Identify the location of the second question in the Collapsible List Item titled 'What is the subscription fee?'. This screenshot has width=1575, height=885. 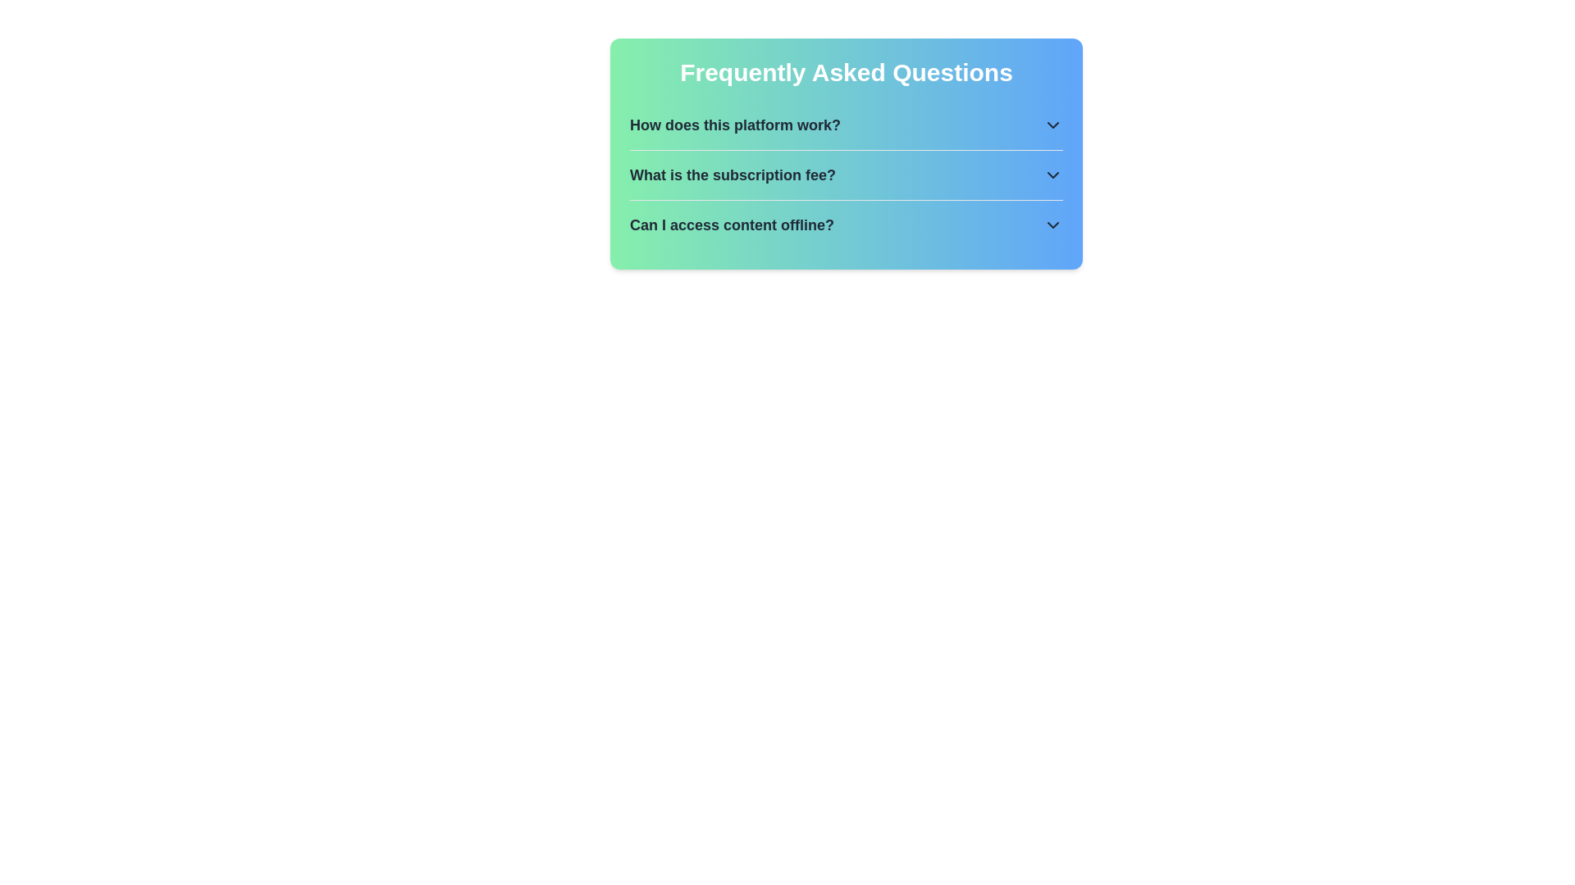
(847, 175).